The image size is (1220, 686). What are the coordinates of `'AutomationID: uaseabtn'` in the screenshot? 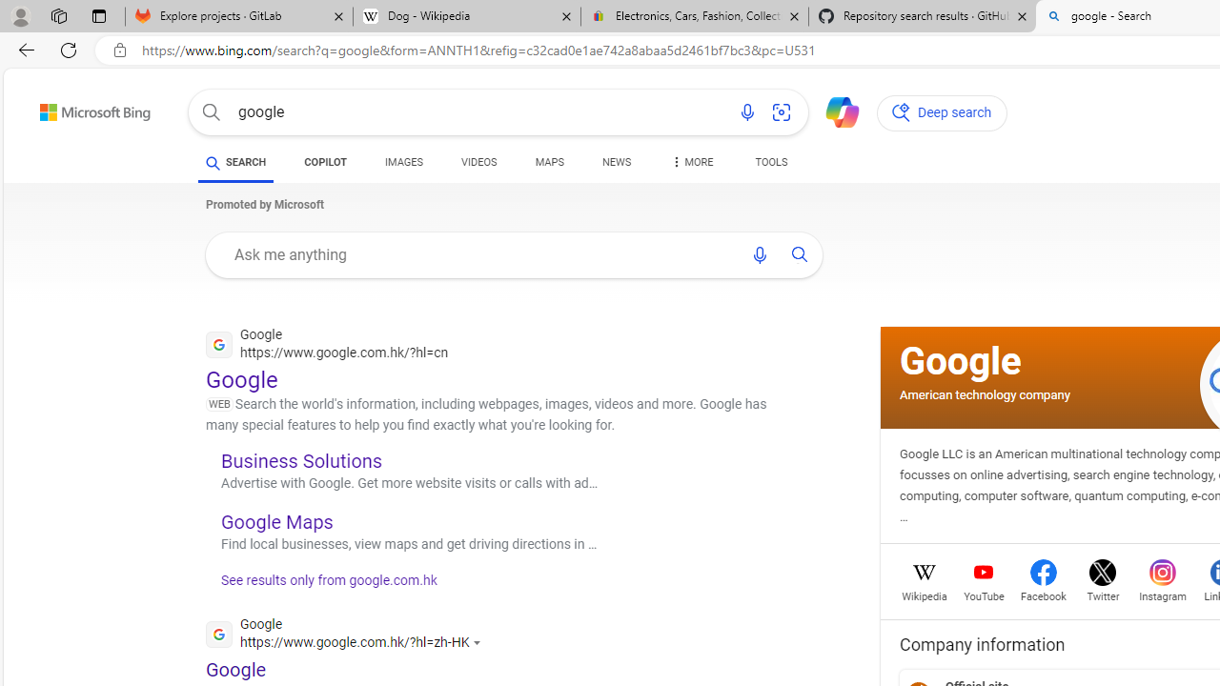 It's located at (800, 253).